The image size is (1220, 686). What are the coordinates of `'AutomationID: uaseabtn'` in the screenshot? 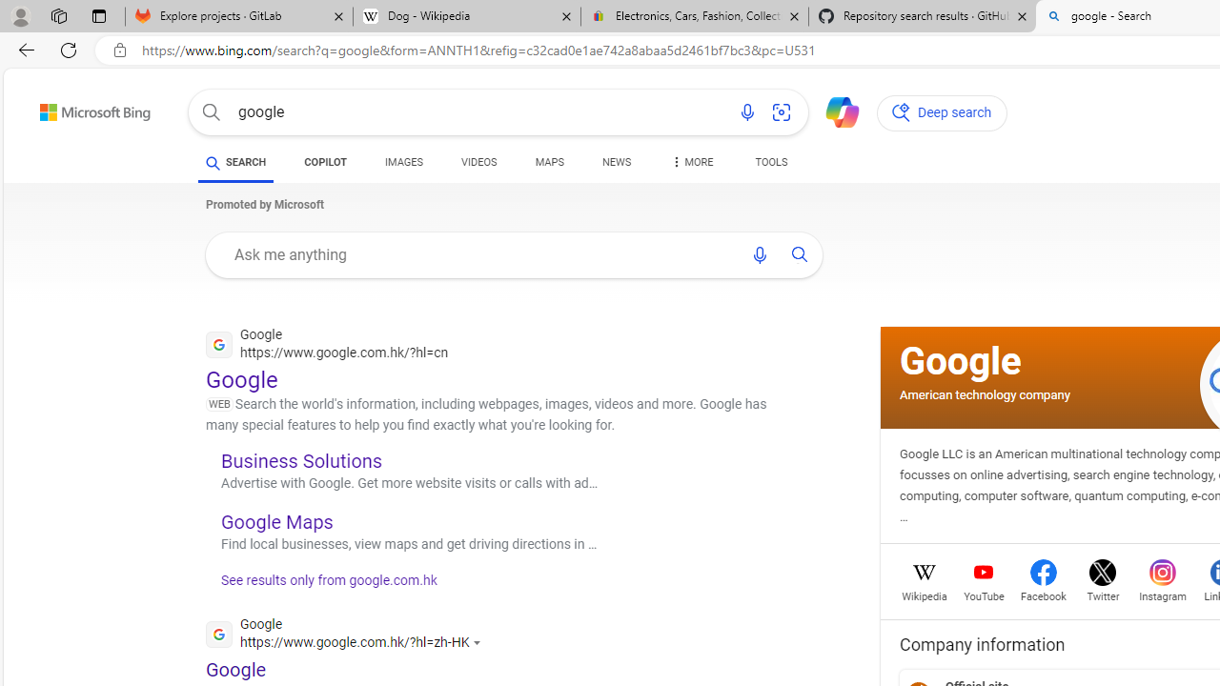 It's located at (800, 253).